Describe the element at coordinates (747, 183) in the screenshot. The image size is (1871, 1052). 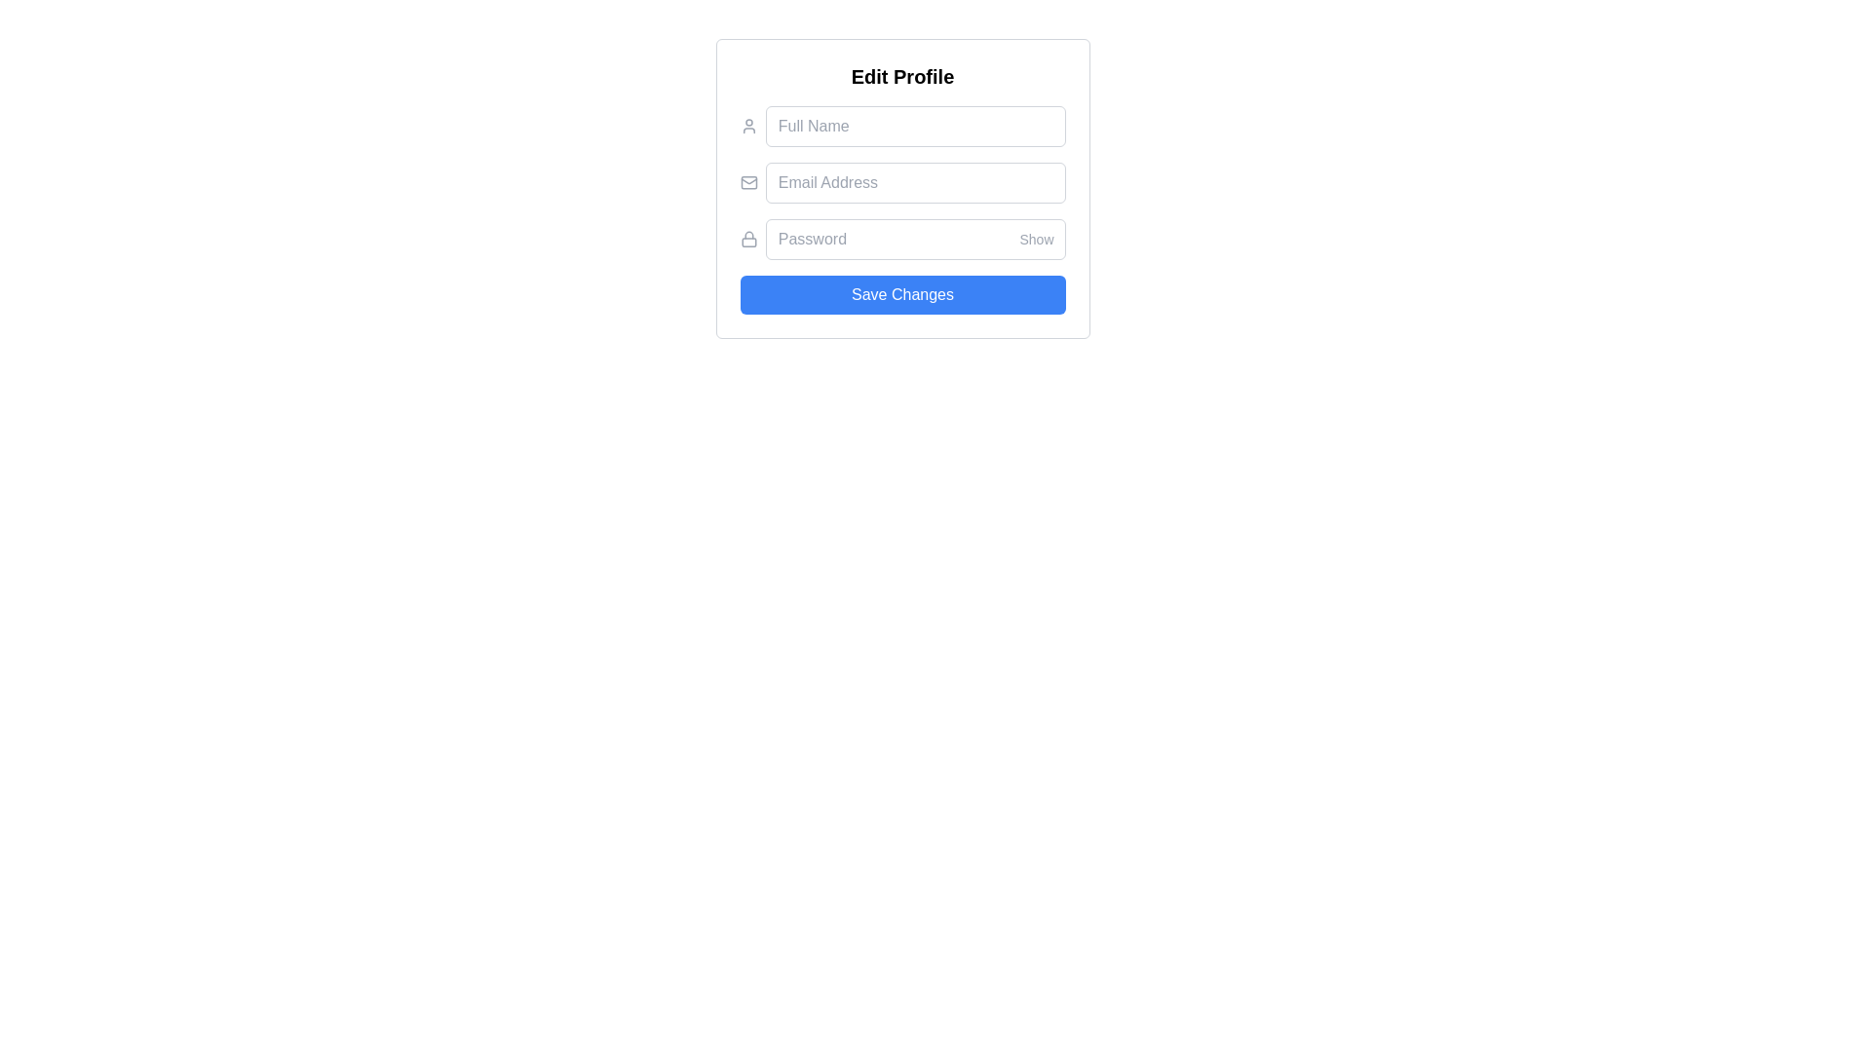
I see `the upper rectangular component of the email icon within the profile editing form, which has rounded corners and no visible color or content` at that location.